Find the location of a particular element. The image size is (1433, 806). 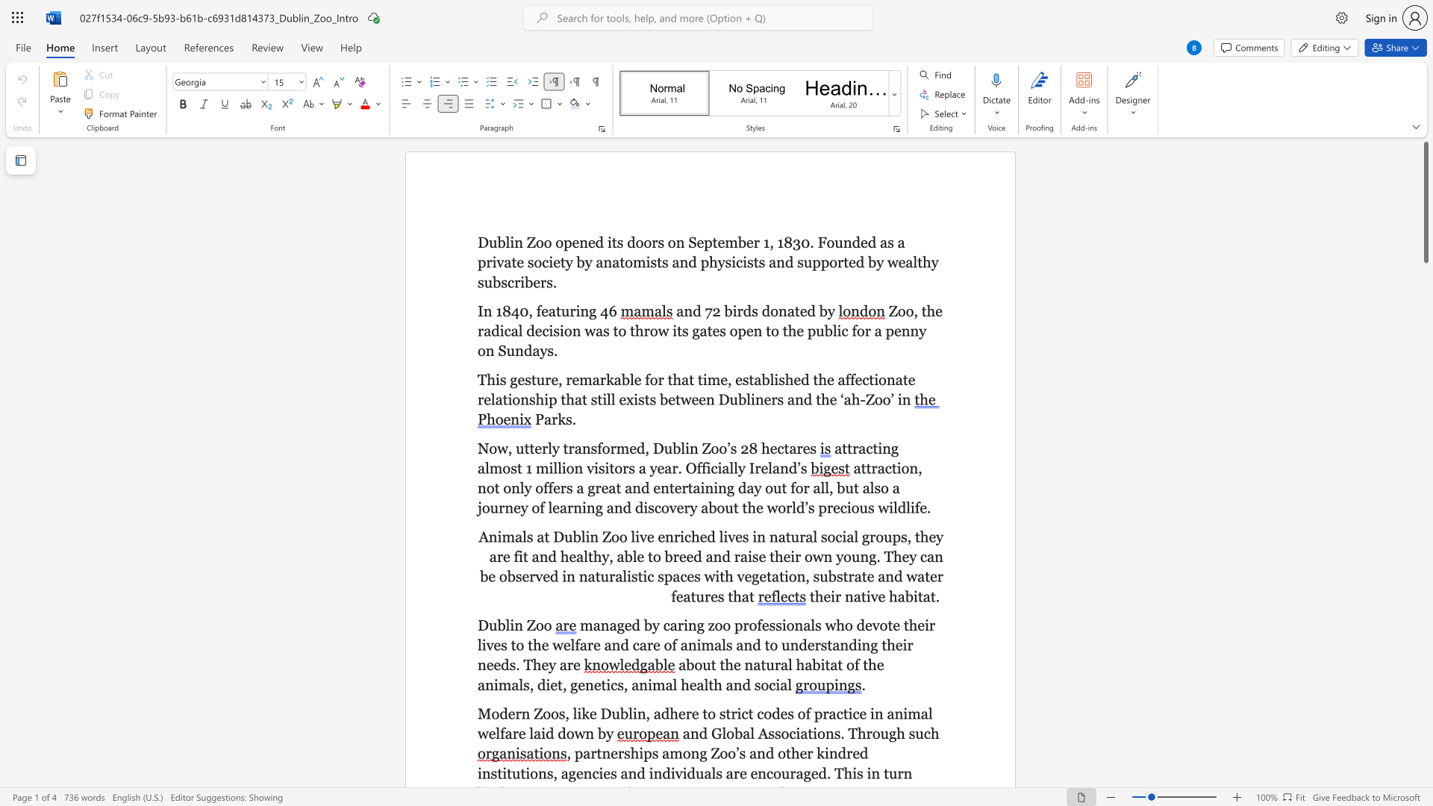

the 2th character "a" in the text is located at coordinates (757, 664).